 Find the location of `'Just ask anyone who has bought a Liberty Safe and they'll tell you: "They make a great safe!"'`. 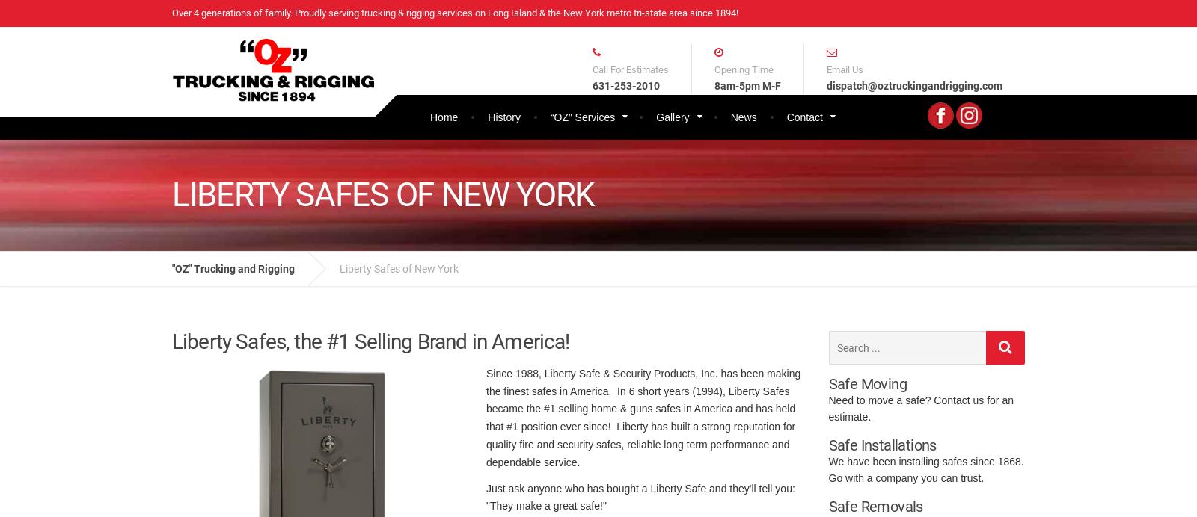

'Just ask anyone who has bought a Liberty Safe and they'll tell you: "They make a great safe!"' is located at coordinates (640, 496).